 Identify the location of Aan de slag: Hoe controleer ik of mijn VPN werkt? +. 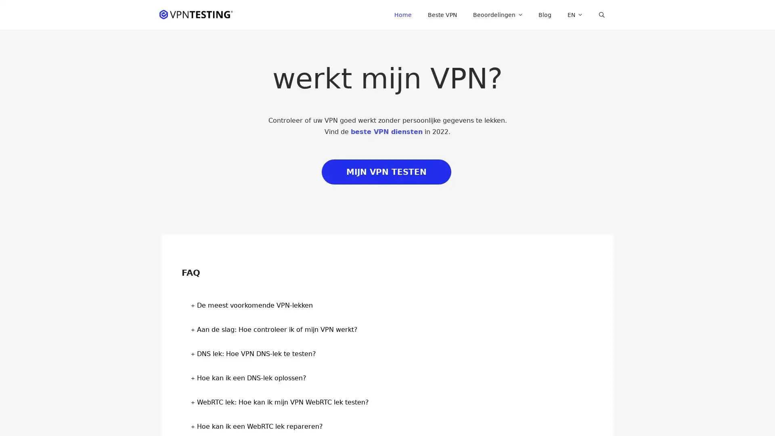
(387, 330).